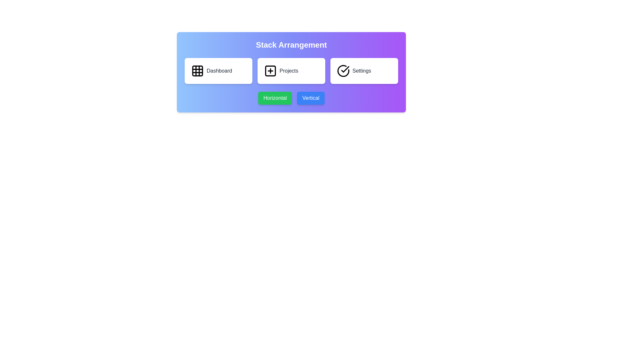 This screenshot has width=622, height=350. I want to click on the 'Dashboard' label which indicates the functionality of the accompanying button, located to the right of a grid icon in a horizontal arrangement of buttons under the 'Stack Arrangement' heading, so click(219, 71).